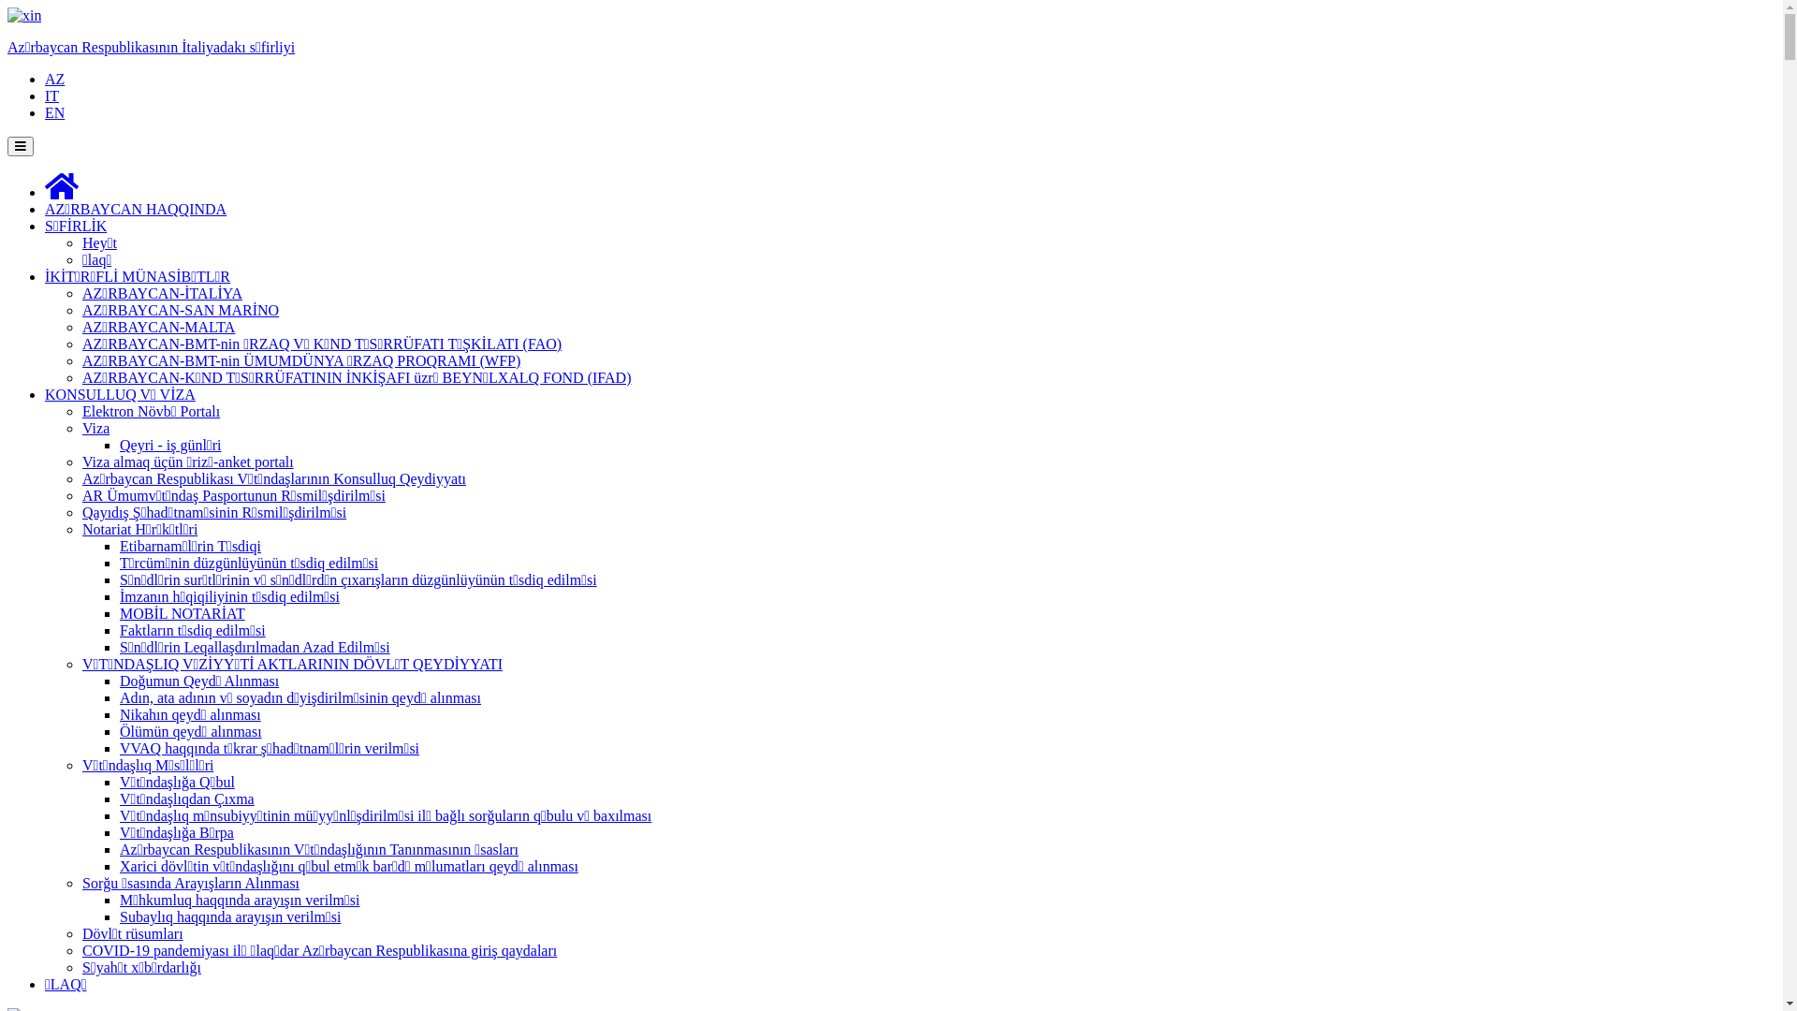  Describe the element at coordinates (51, 95) in the screenshot. I see `'IT'` at that location.